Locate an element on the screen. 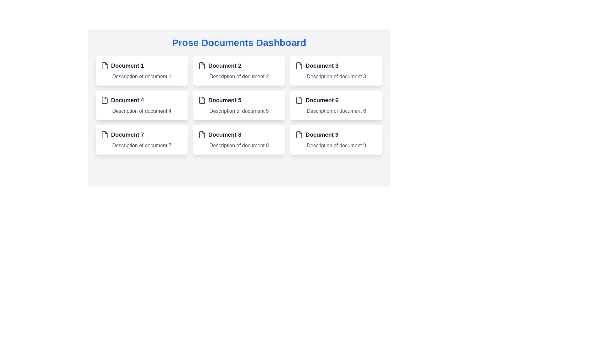 This screenshot has width=613, height=345. the black document icon with a red embellishment located in the top-left corner of the interface inside the 'Document 1' card is located at coordinates (104, 65).